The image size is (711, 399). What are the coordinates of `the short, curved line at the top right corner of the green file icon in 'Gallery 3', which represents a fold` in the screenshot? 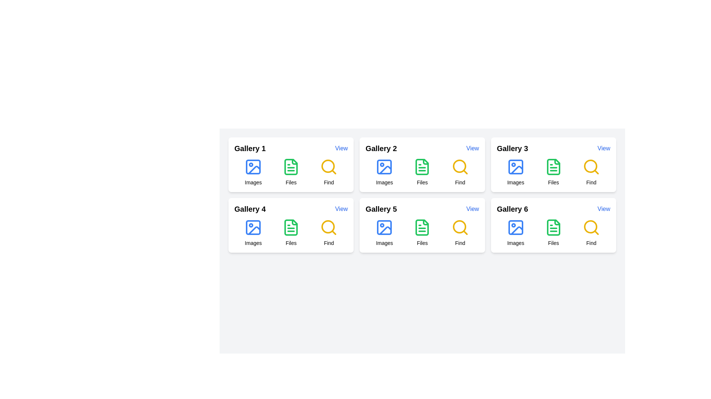 It's located at (557, 161).